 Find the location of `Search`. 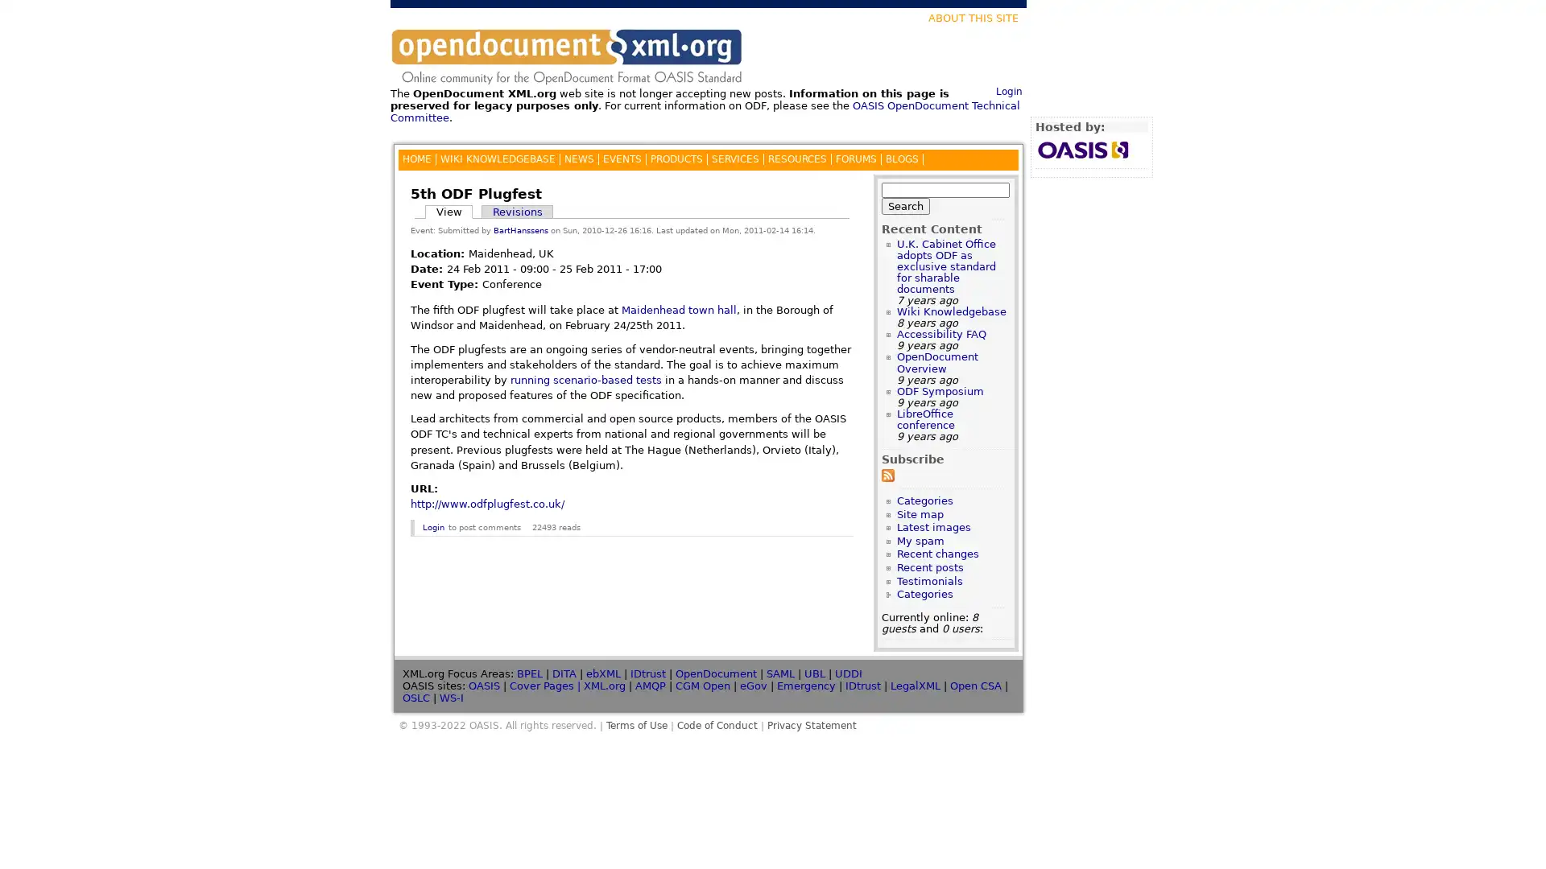

Search is located at coordinates (905, 204).